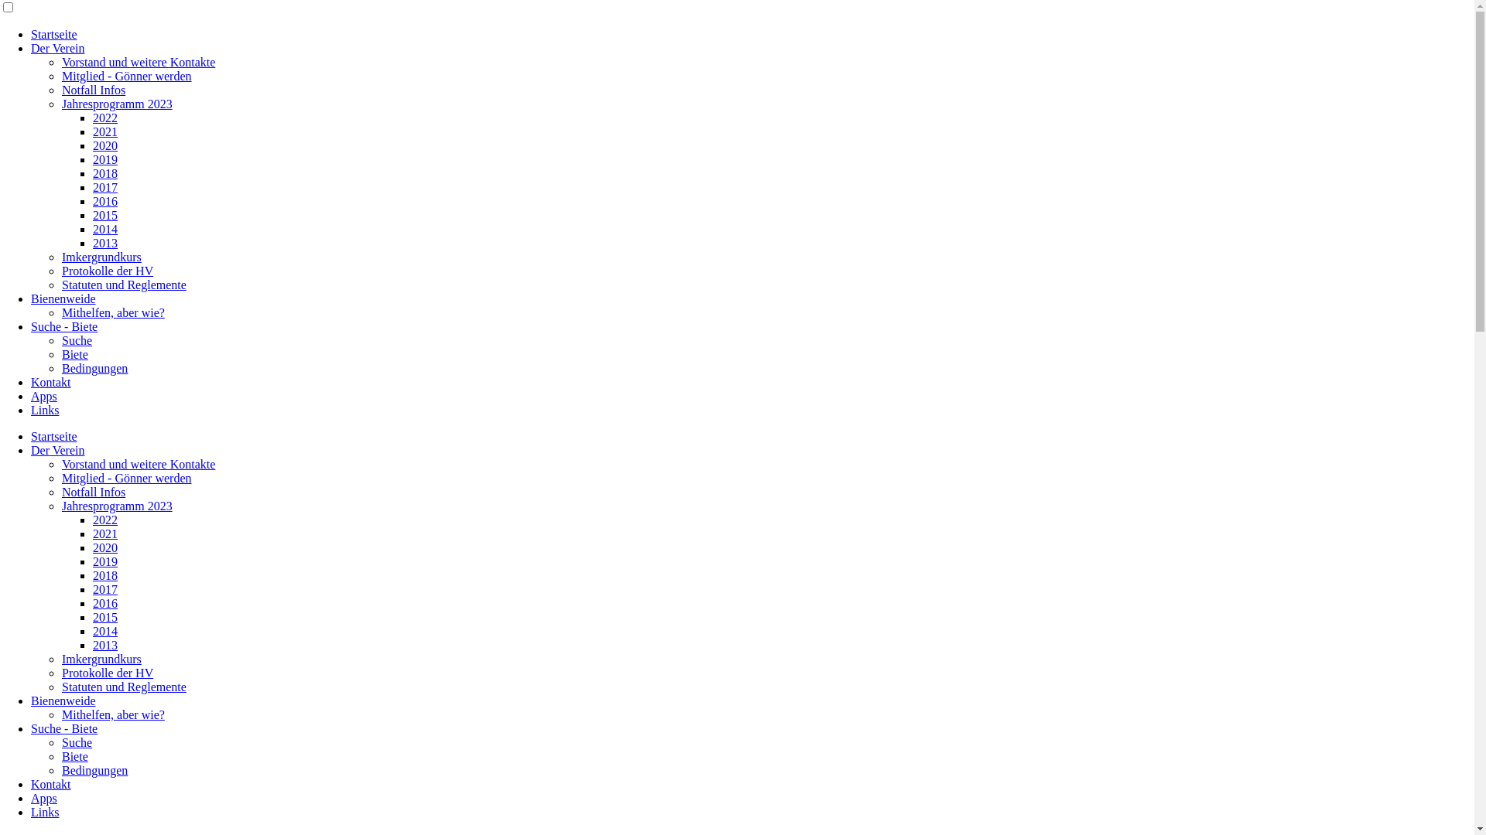  What do you see at coordinates (57, 450) in the screenshot?
I see `'Der Verein'` at bounding box center [57, 450].